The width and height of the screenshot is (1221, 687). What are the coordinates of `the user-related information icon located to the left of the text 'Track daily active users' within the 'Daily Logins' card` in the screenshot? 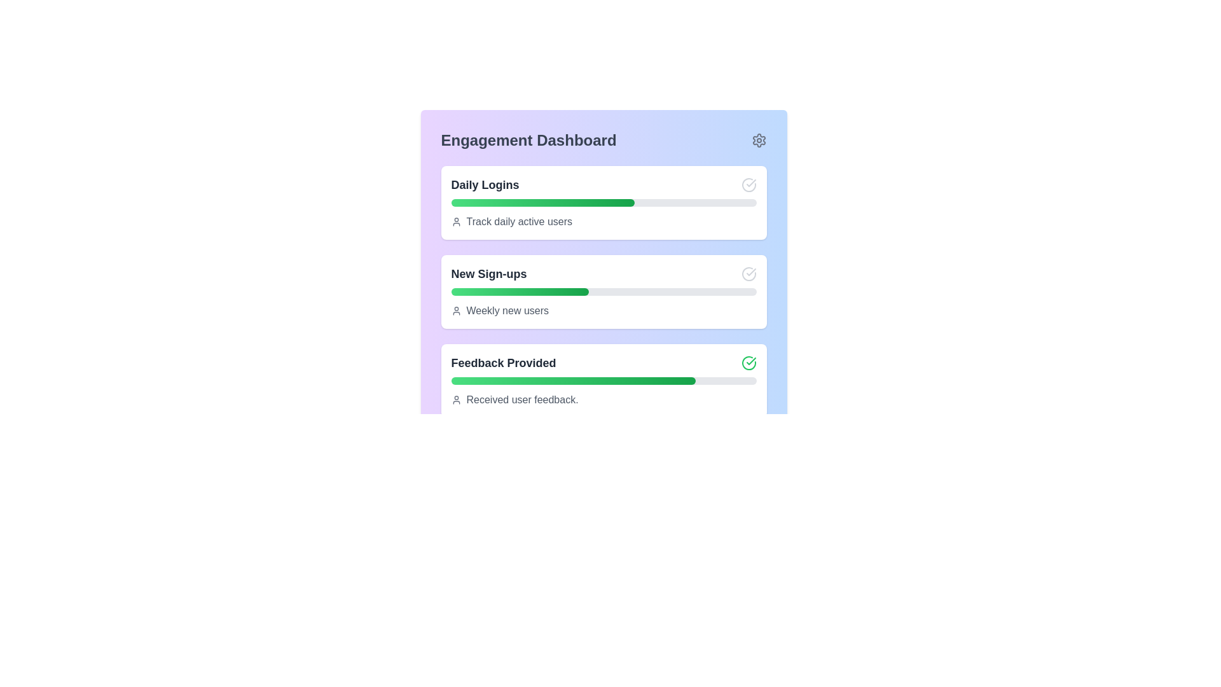 It's located at (456, 221).